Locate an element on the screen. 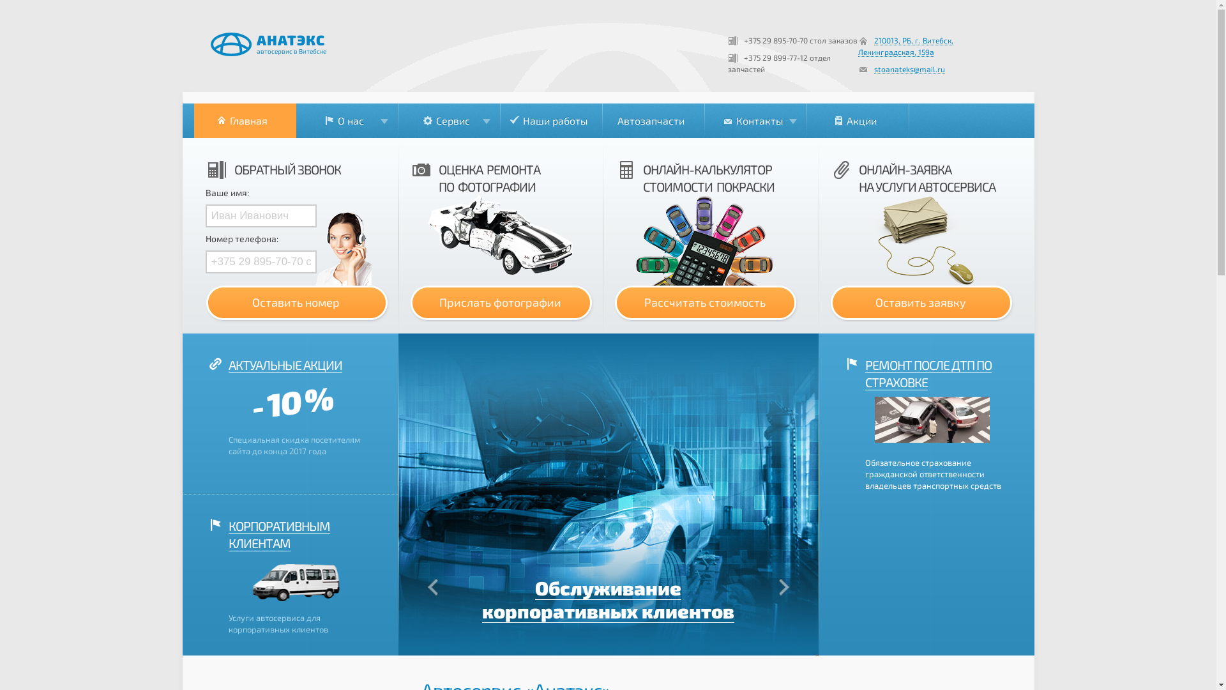  'stoanateks@mail.ru' is located at coordinates (908, 69).